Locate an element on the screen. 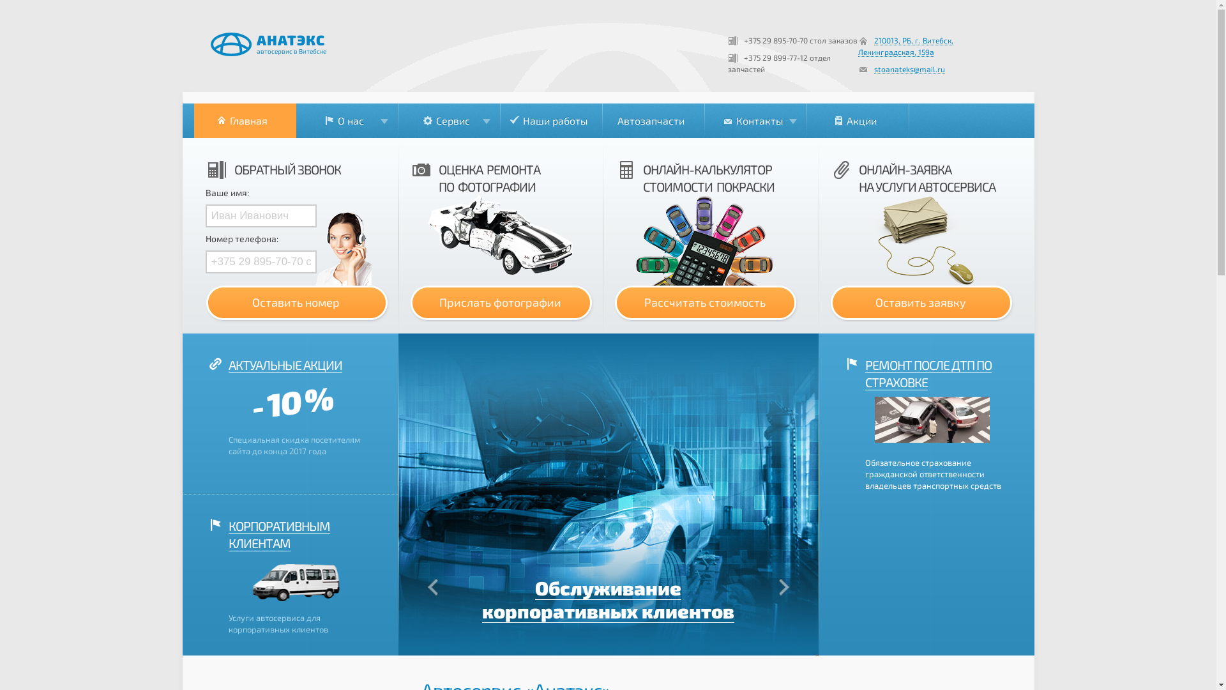  'stoanateks@mail.ru' is located at coordinates (908, 69).